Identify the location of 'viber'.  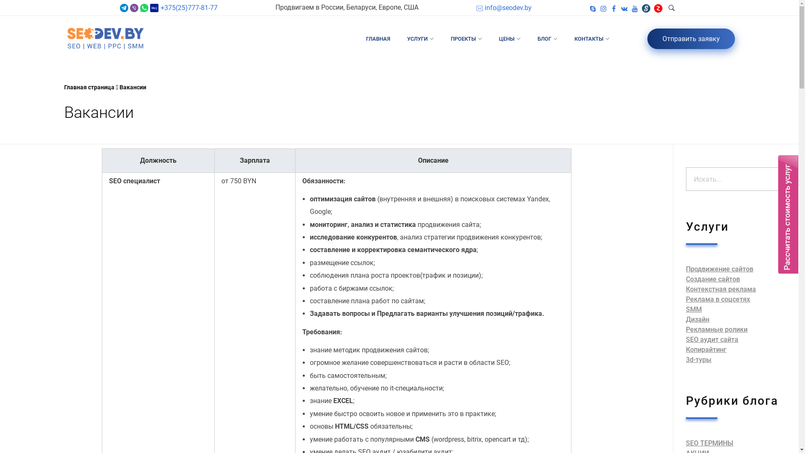
(134, 8).